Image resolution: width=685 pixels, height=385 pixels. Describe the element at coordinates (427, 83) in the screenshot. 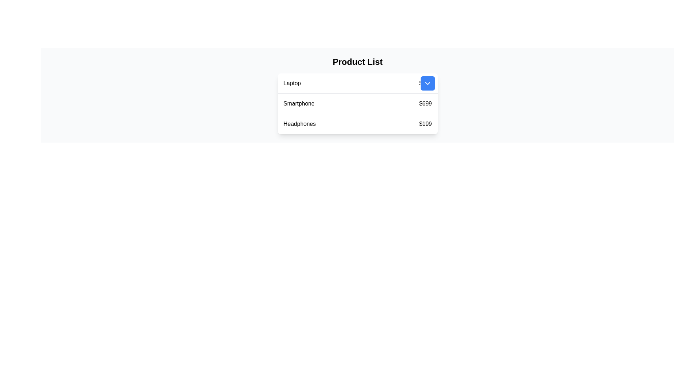

I see `the blue square button with white text and a downward-facing chevron icon located in the top-right corner of the 'Laptop' list item priced at '$999'` at that location.